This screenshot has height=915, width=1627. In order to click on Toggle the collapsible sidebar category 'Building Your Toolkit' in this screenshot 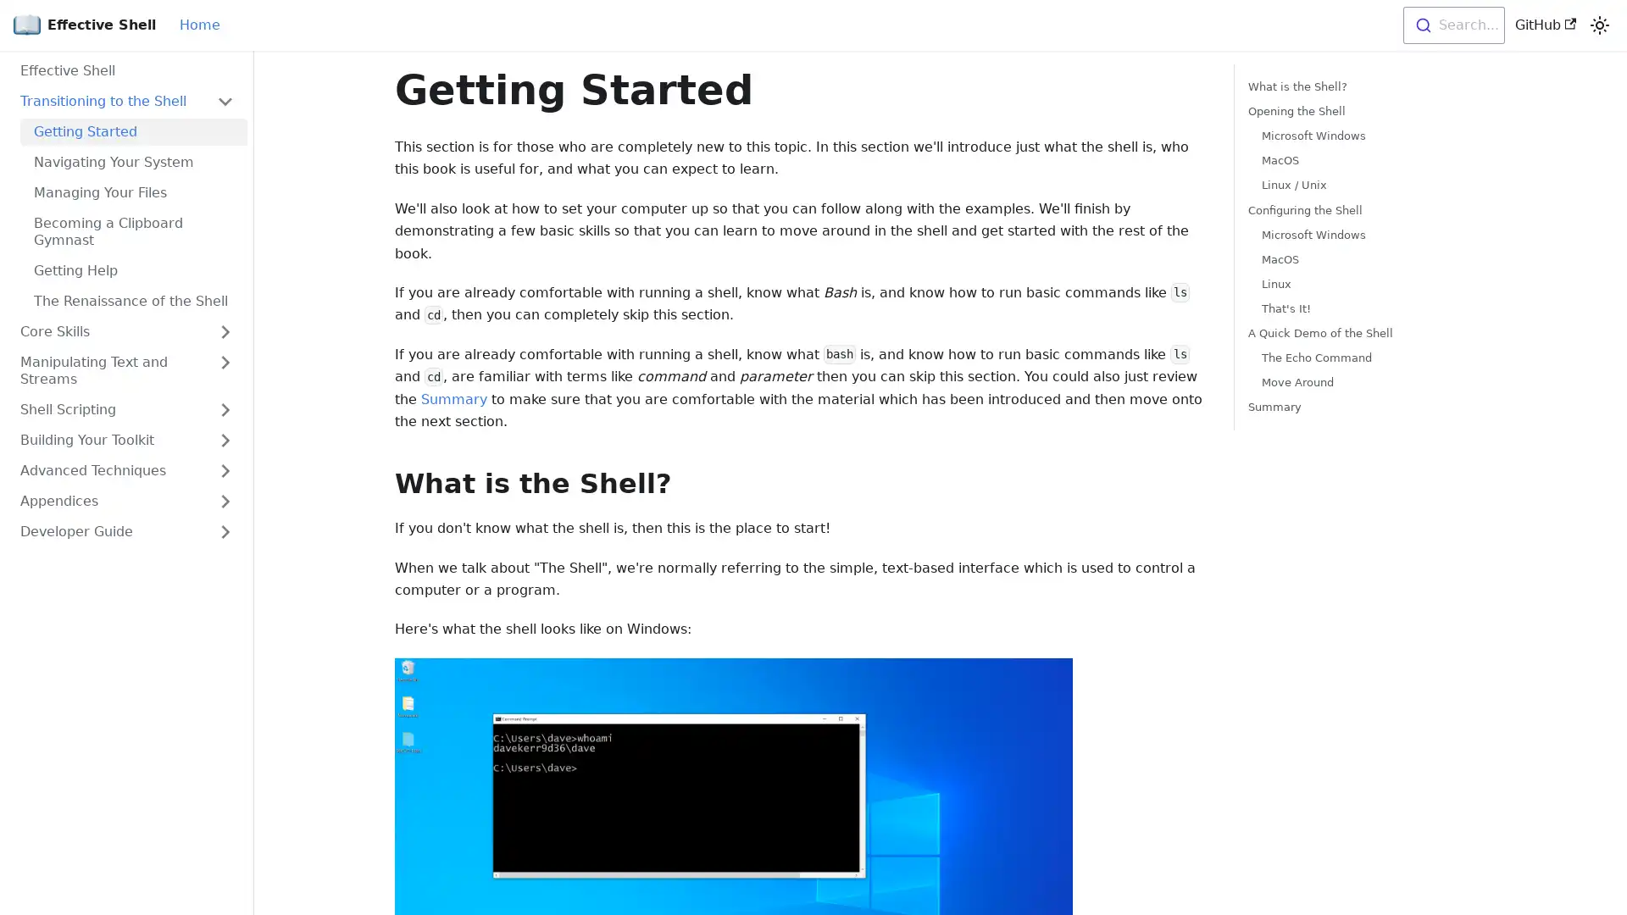, I will do `click(224, 440)`.